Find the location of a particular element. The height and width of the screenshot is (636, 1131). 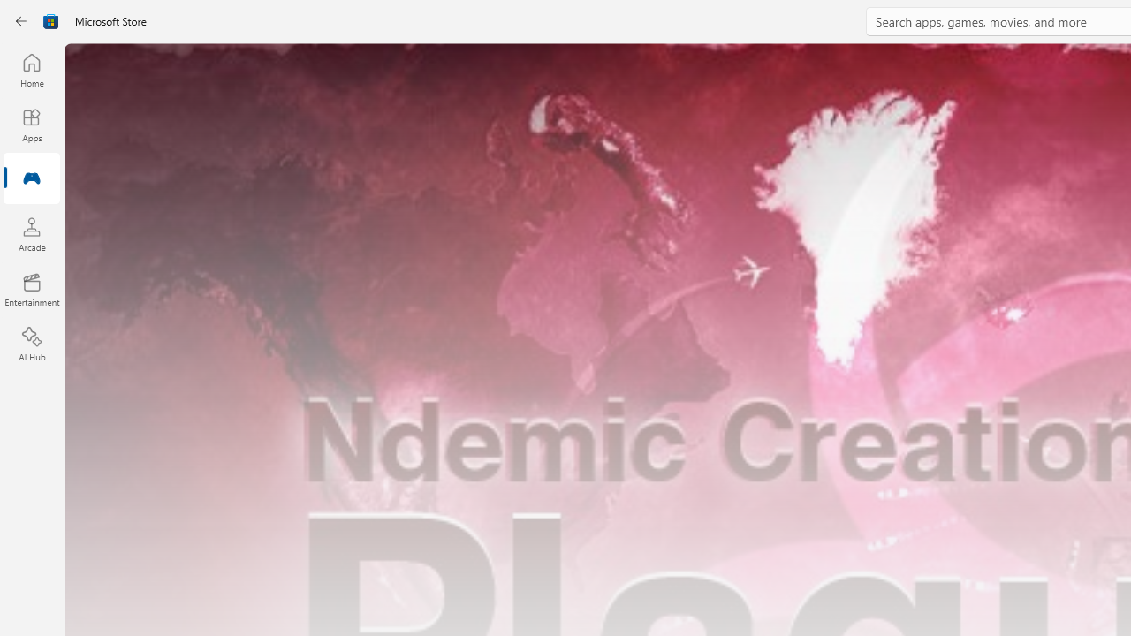

'AI Hub' is located at coordinates (31, 344).